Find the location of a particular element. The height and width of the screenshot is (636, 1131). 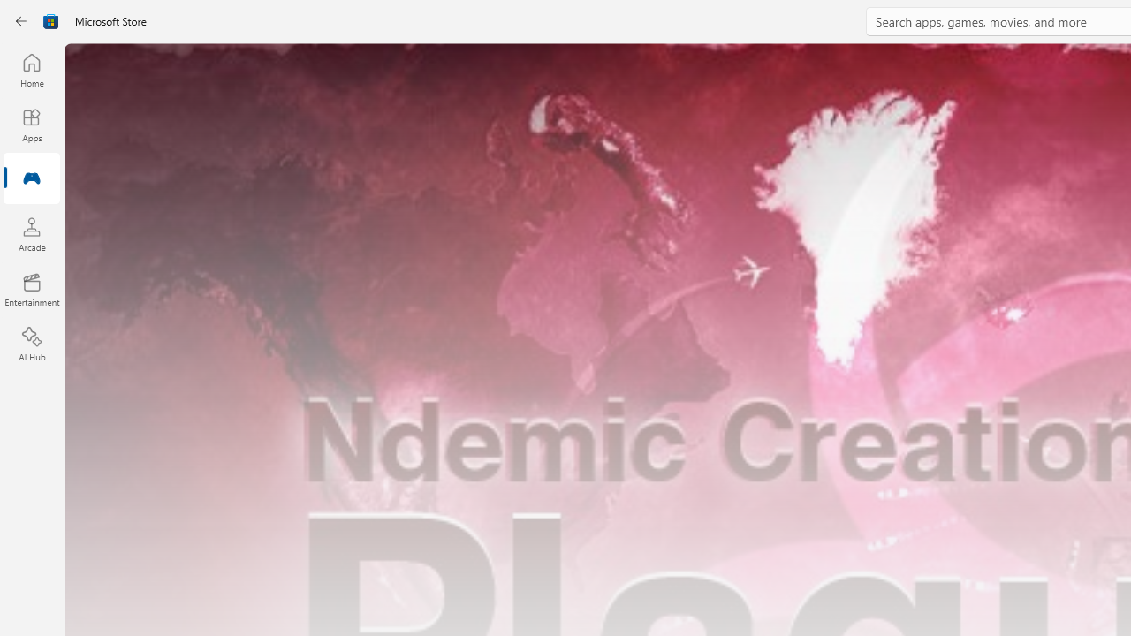

'AI Hub' is located at coordinates (31, 344).